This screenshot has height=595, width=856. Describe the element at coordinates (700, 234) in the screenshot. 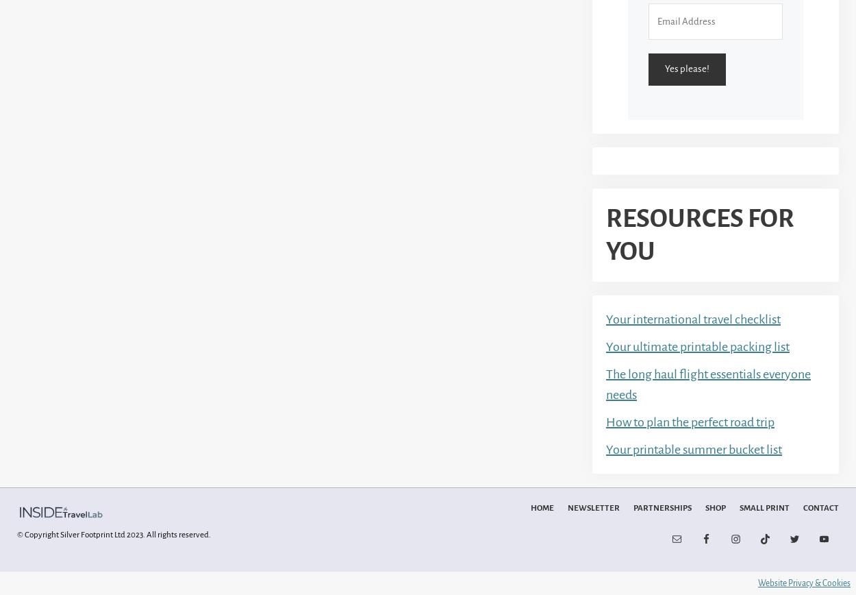

I see `'RESOURCES FOR YOU'` at that location.